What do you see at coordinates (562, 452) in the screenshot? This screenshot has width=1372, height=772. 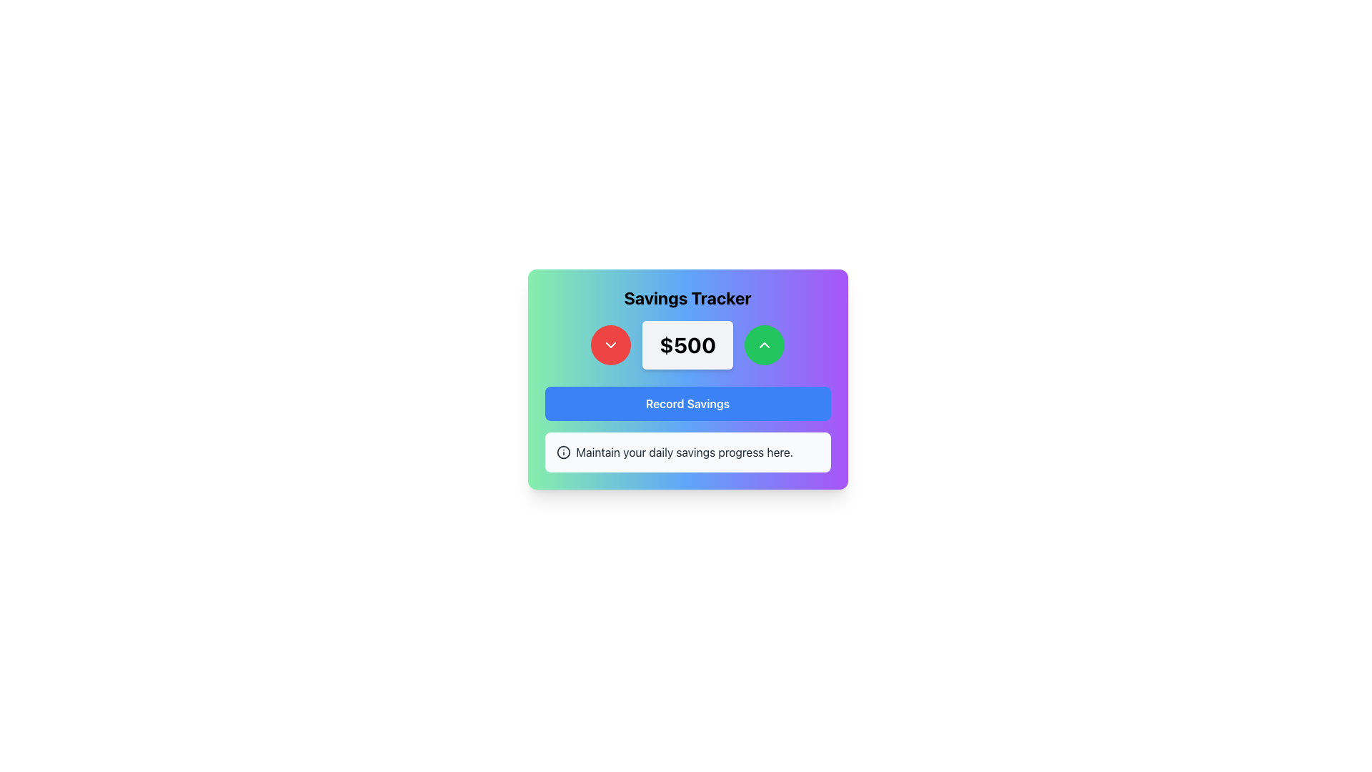 I see `the informational icon which is a circle enclosing a vertical line and a dot, located to the left of the text 'Maintain your daily savings progress here.'` at bounding box center [562, 452].